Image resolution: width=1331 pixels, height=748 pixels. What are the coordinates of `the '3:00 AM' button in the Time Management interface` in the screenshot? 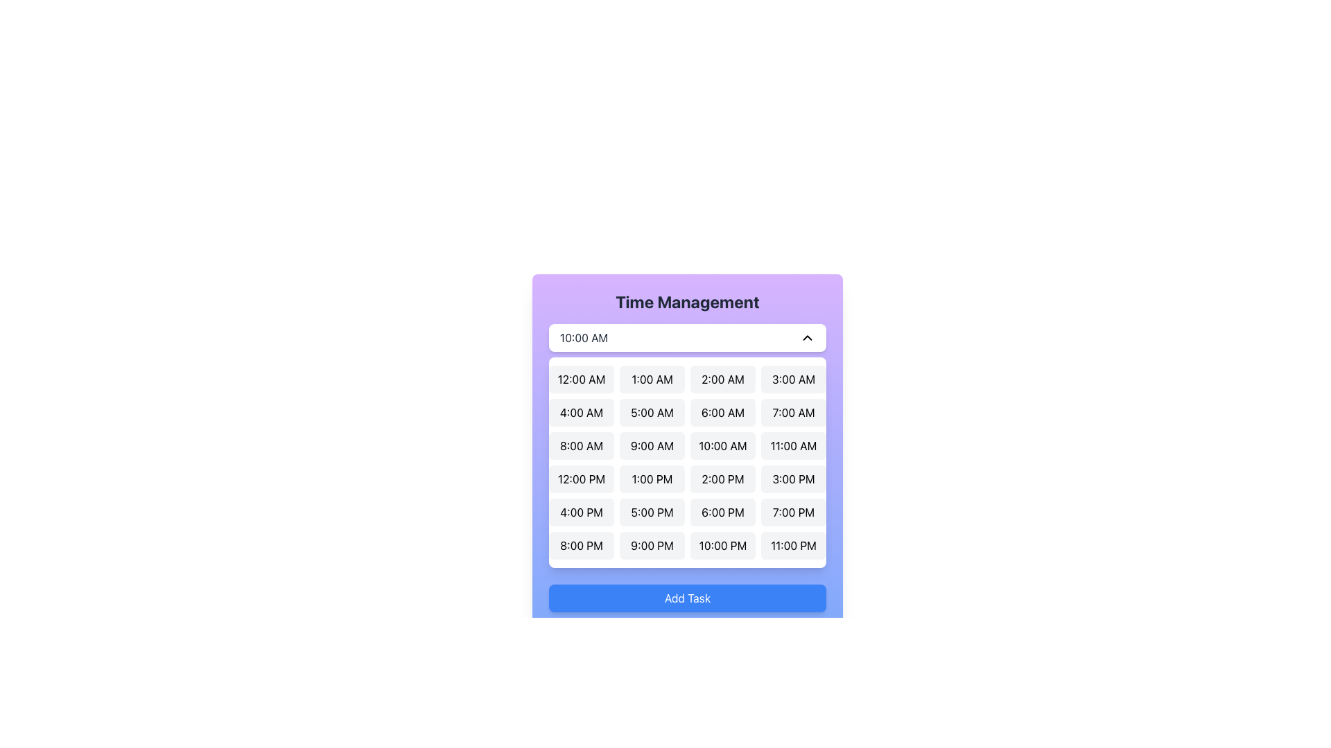 It's located at (794, 379).